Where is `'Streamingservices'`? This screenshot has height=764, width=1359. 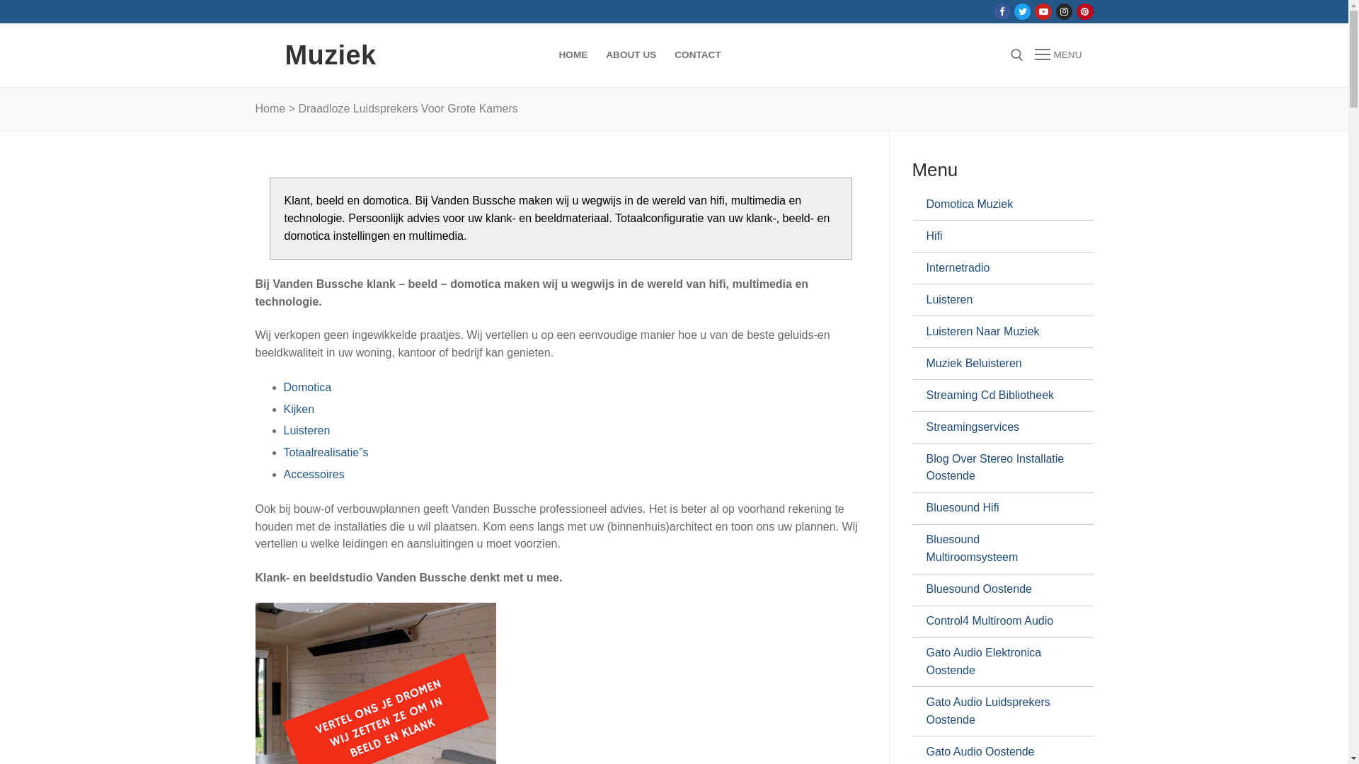 'Streamingservices' is located at coordinates (995, 427).